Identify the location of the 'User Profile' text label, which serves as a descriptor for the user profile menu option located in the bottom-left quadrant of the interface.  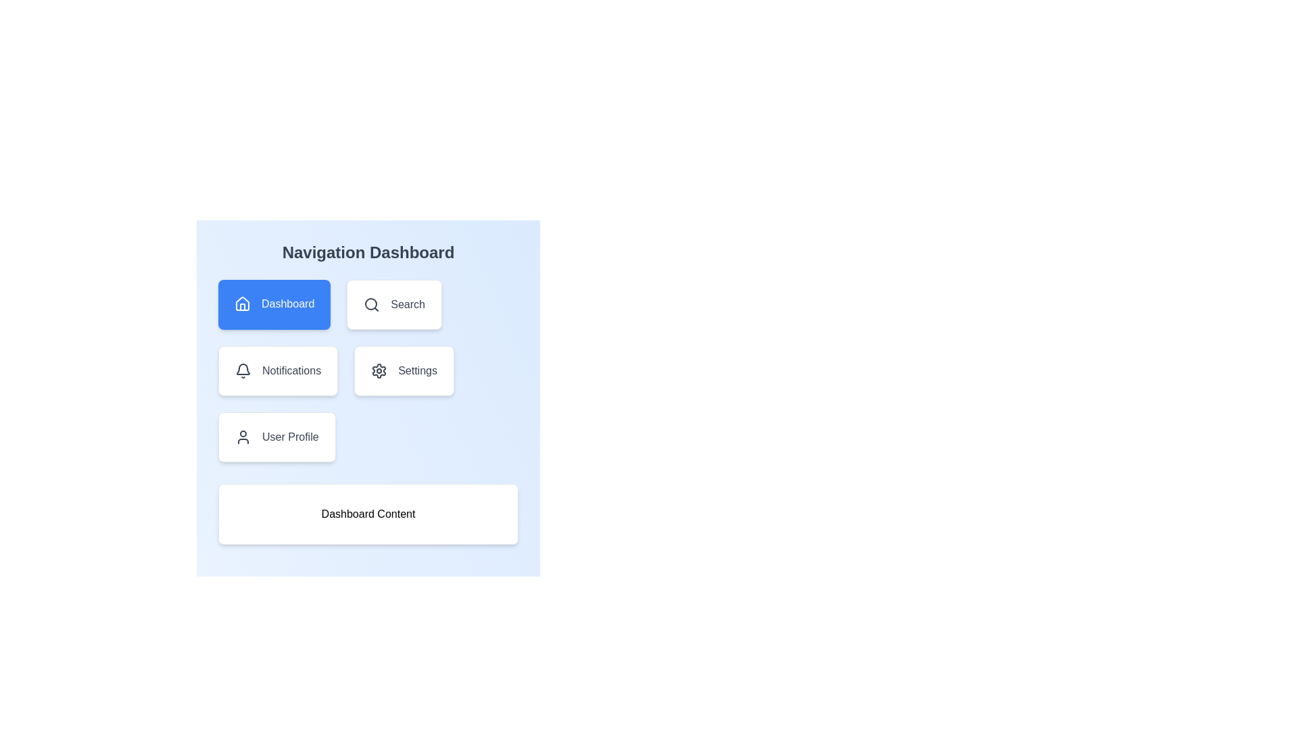
(289, 437).